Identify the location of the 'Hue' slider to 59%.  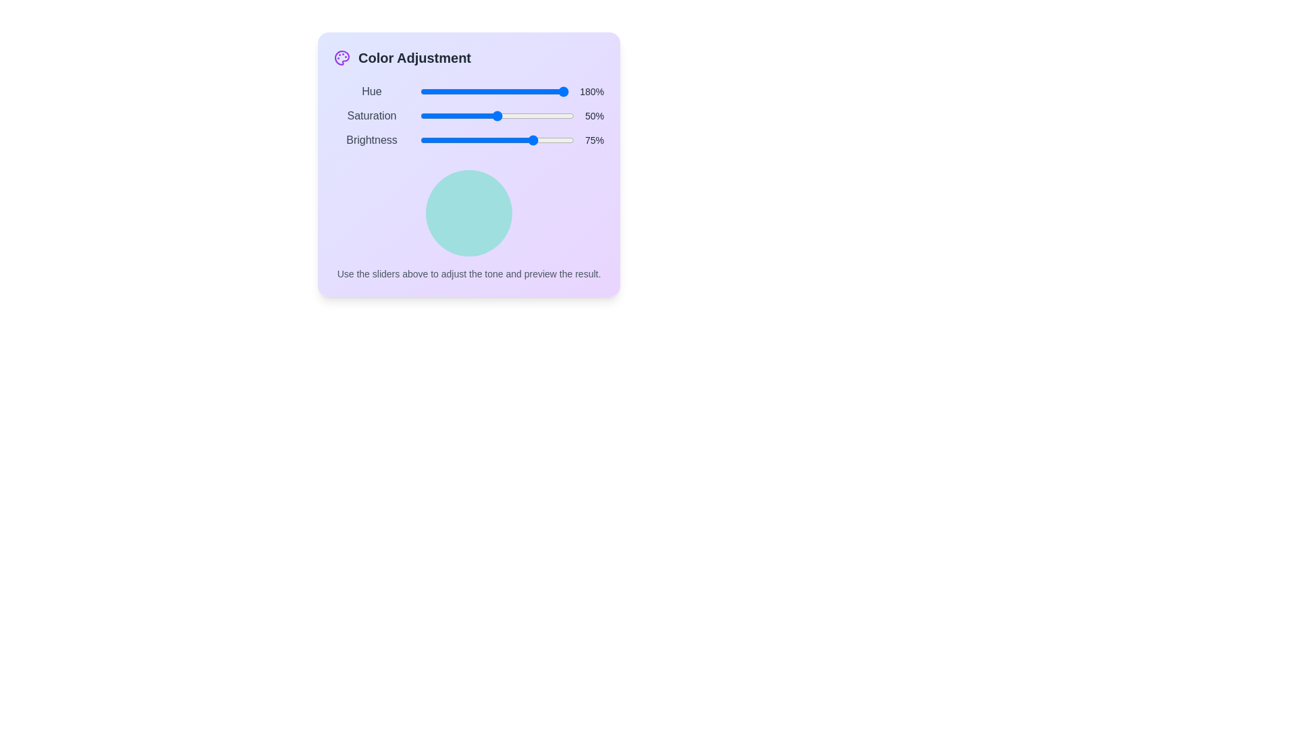
(507, 91).